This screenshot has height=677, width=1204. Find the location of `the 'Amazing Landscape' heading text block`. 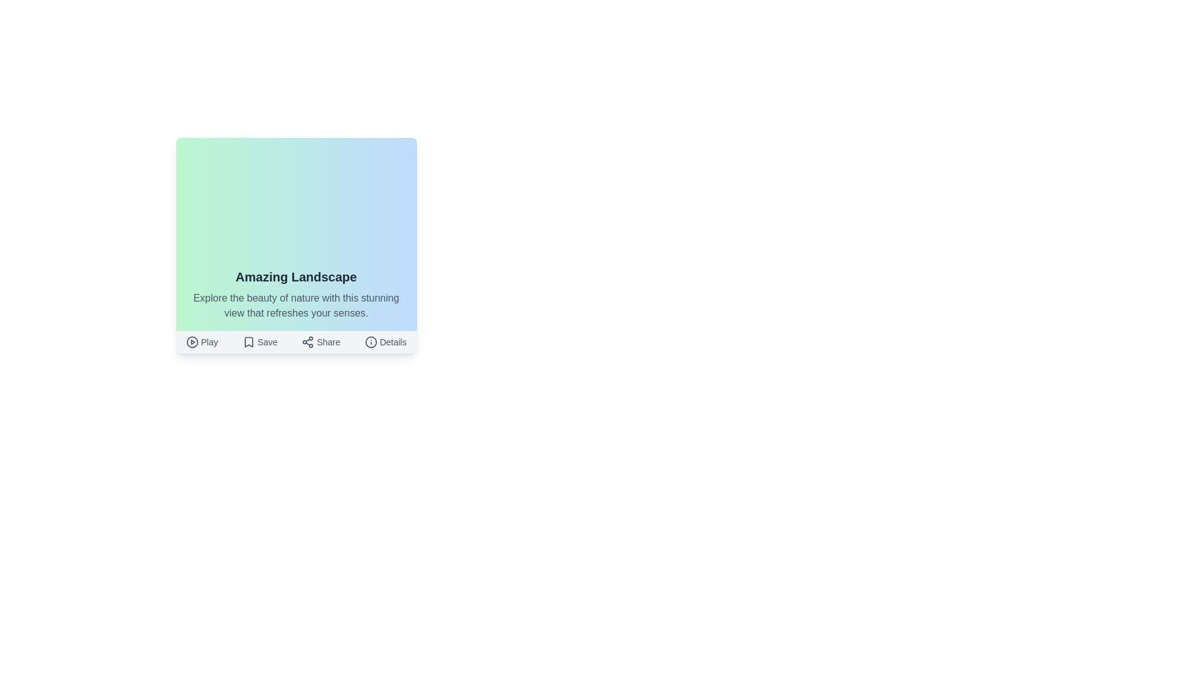

the 'Amazing Landscape' heading text block is located at coordinates (295, 276).